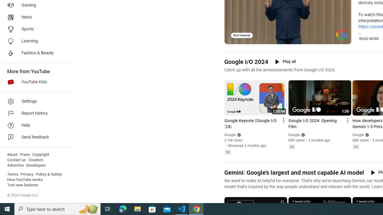  I want to click on 'Sports', so click(34, 29).